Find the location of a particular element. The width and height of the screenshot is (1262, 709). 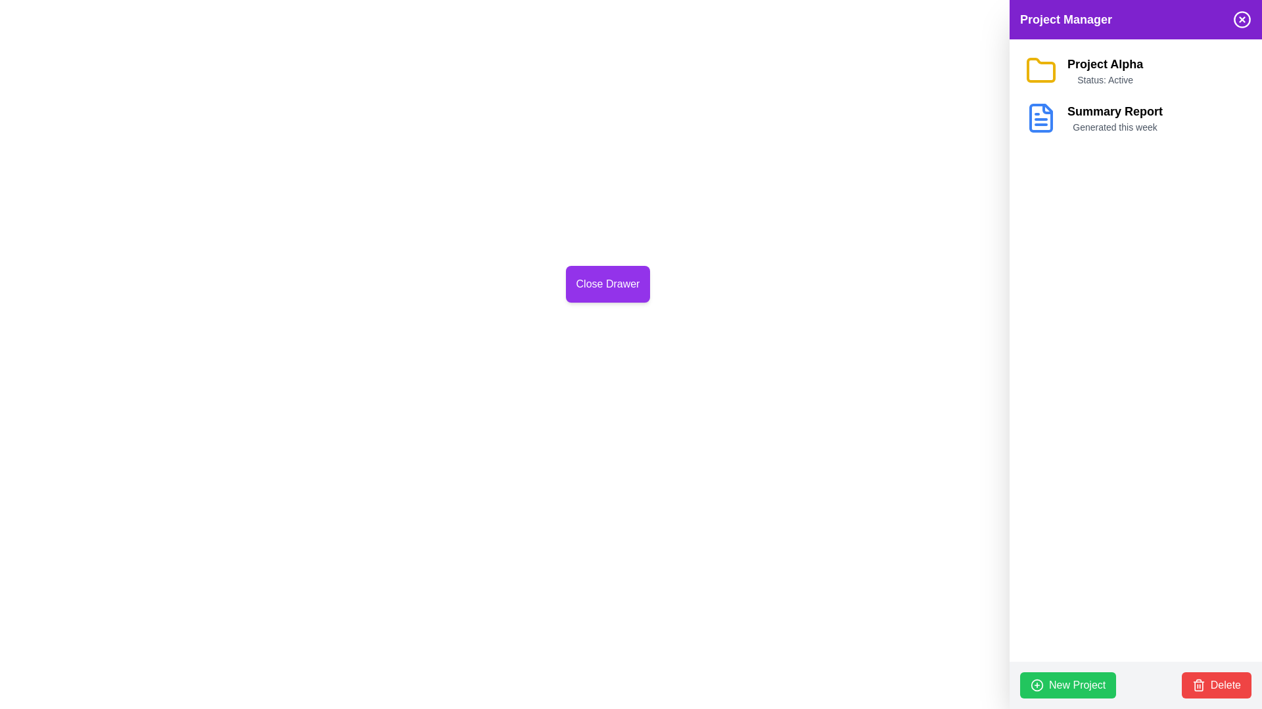

the blue document icon representing the 'Summary Report' entry located in the 'Project Manager' panel, which is positioned to the left of the 'Summary Report' text and above the description 'Generated this week' is located at coordinates (1040, 118).